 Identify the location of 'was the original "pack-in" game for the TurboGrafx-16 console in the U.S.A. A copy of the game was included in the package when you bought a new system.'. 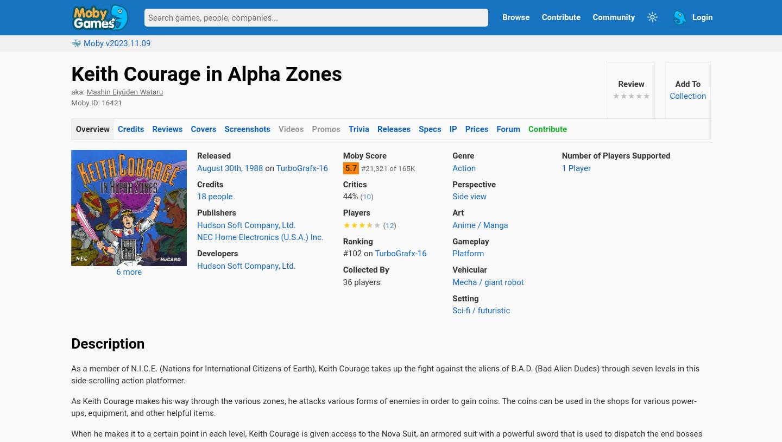
(389, 180).